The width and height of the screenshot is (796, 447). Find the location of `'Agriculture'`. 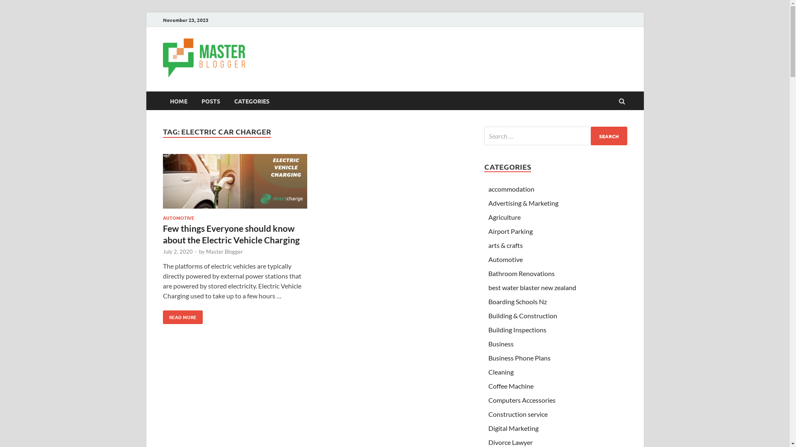

'Agriculture' is located at coordinates (488, 216).